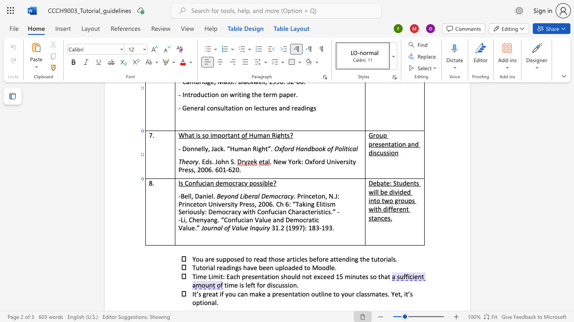 The image size is (574, 322). I want to click on the space between the continuous character "1" and "." in the text, so click(278, 227).